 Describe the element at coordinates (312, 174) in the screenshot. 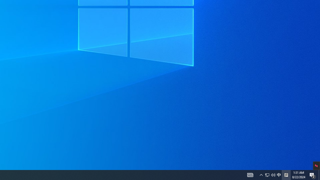

I see `'Action Center, 2 new notifications'` at that location.